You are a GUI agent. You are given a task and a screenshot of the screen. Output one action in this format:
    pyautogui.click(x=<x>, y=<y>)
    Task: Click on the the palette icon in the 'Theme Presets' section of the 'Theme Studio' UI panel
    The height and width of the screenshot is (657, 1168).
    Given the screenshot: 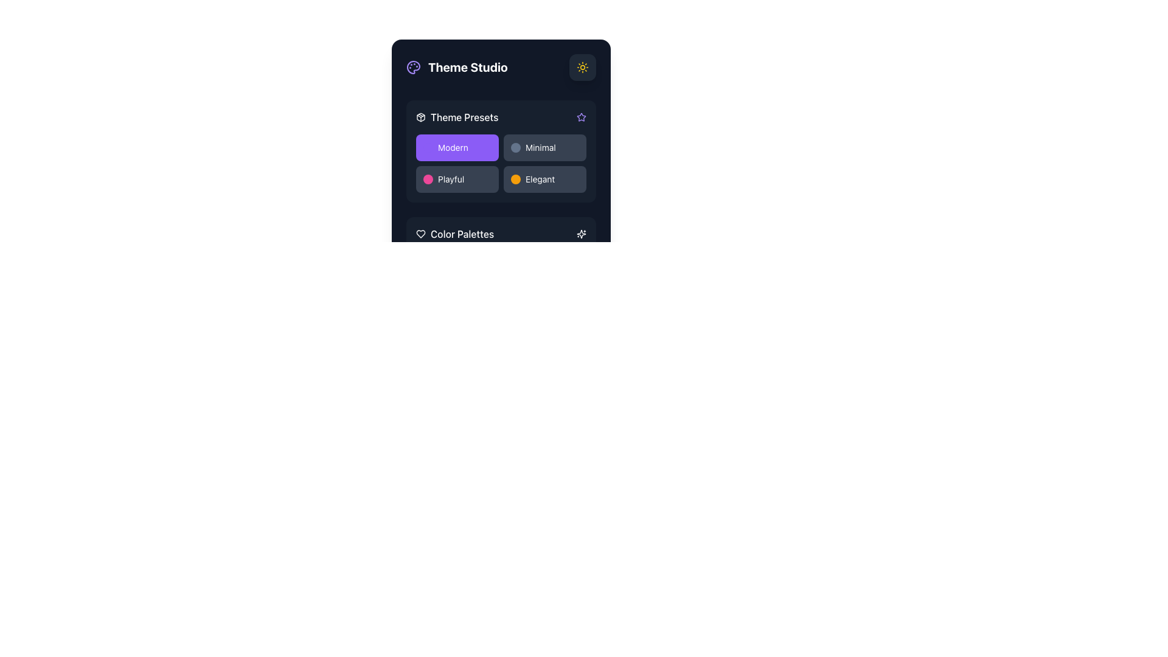 What is the action you would take?
    pyautogui.click(x=414, y=68)
    